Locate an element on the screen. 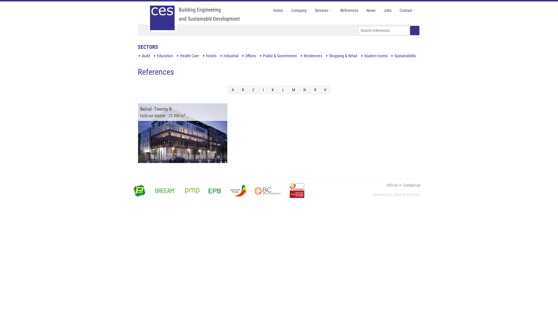 Image resolution: width=558 pixels, height=314 pixels. 'M' is located at coordinates (289, 90).